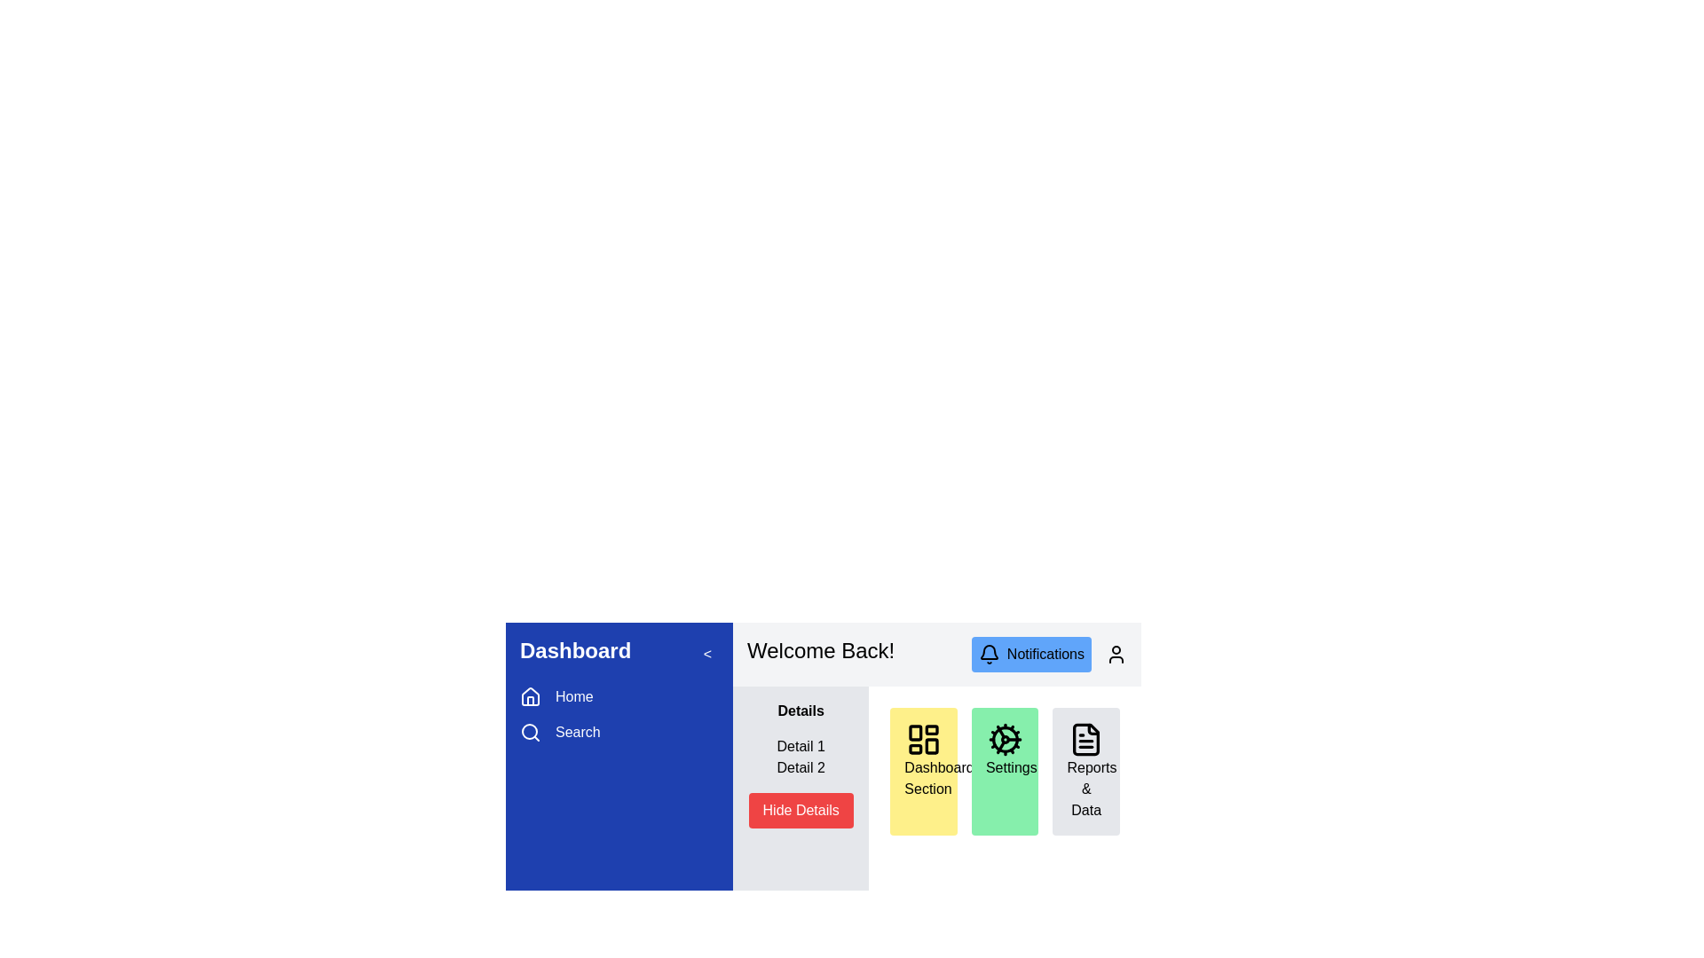 The height and width of the screenshot is (958, 1704). I want to click on the Composite element containing the bold text 'Dashboard' and the back arrow '<' at the top of the sidebar, so click(619, 654).